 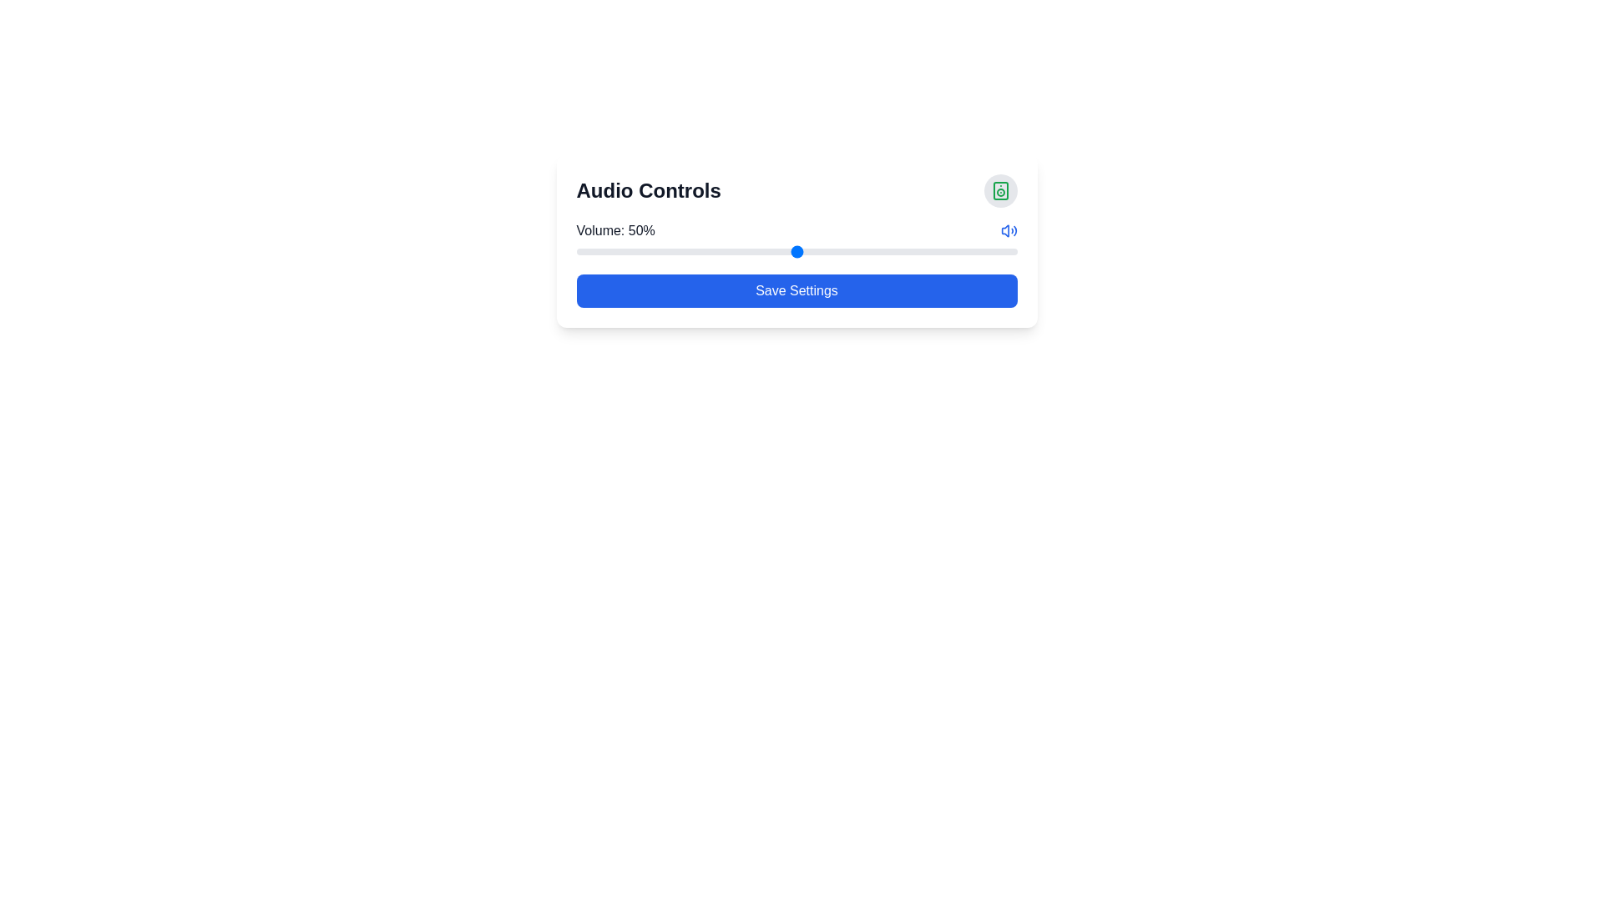 I want to click on the volume, so click(x=978, y=251).